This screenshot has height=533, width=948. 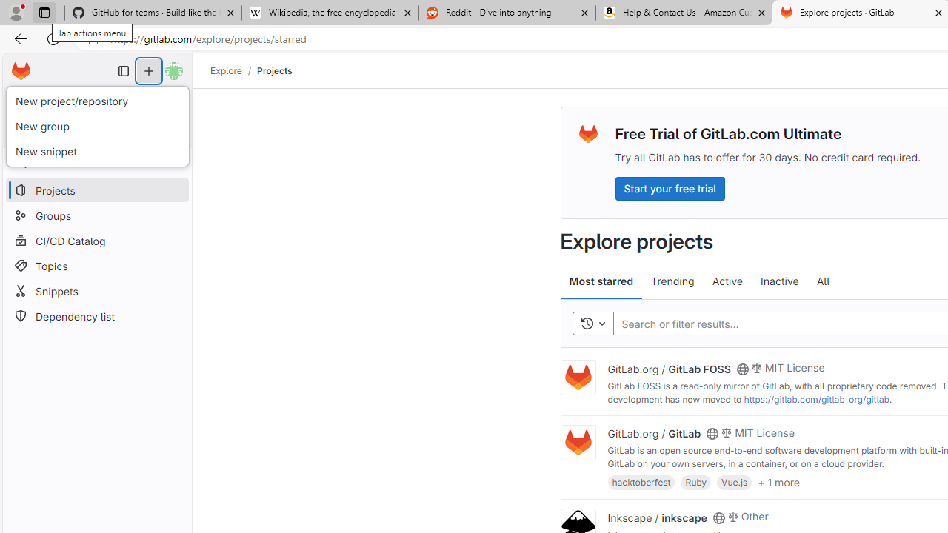 I want to click on 'Snippets', so click(x=96, y=291).